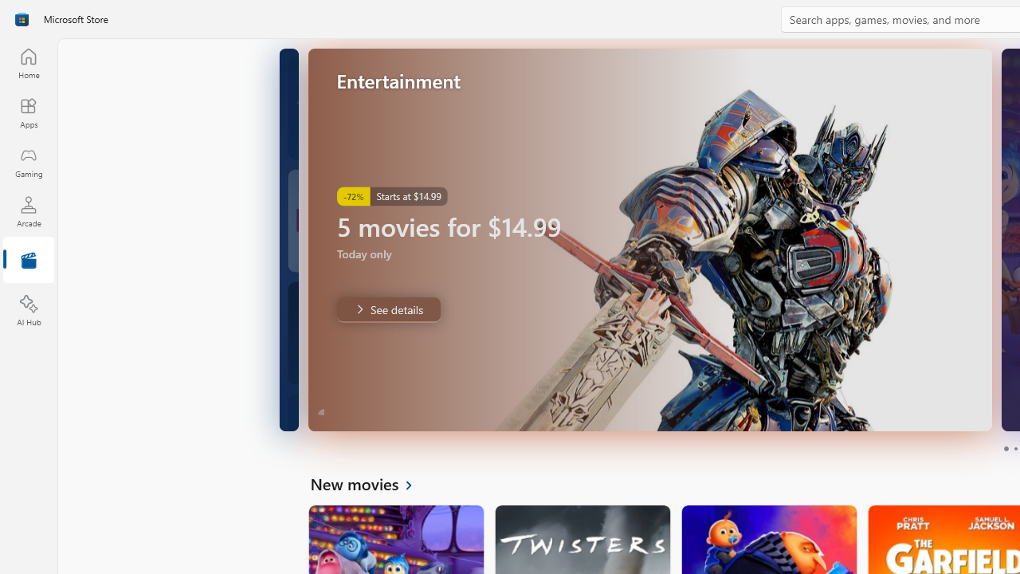 This screenshot has width=1020, height=574. Describe the element at coordinates (28, 162) in the screenshot. I see `'Gaming'` at that location.